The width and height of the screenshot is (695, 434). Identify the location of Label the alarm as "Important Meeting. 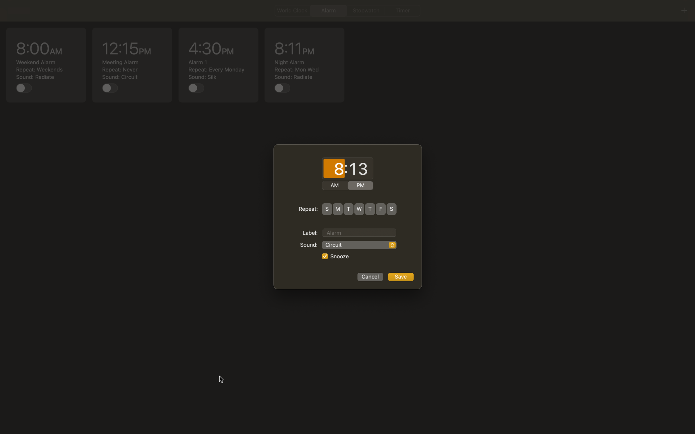
(359, 232).